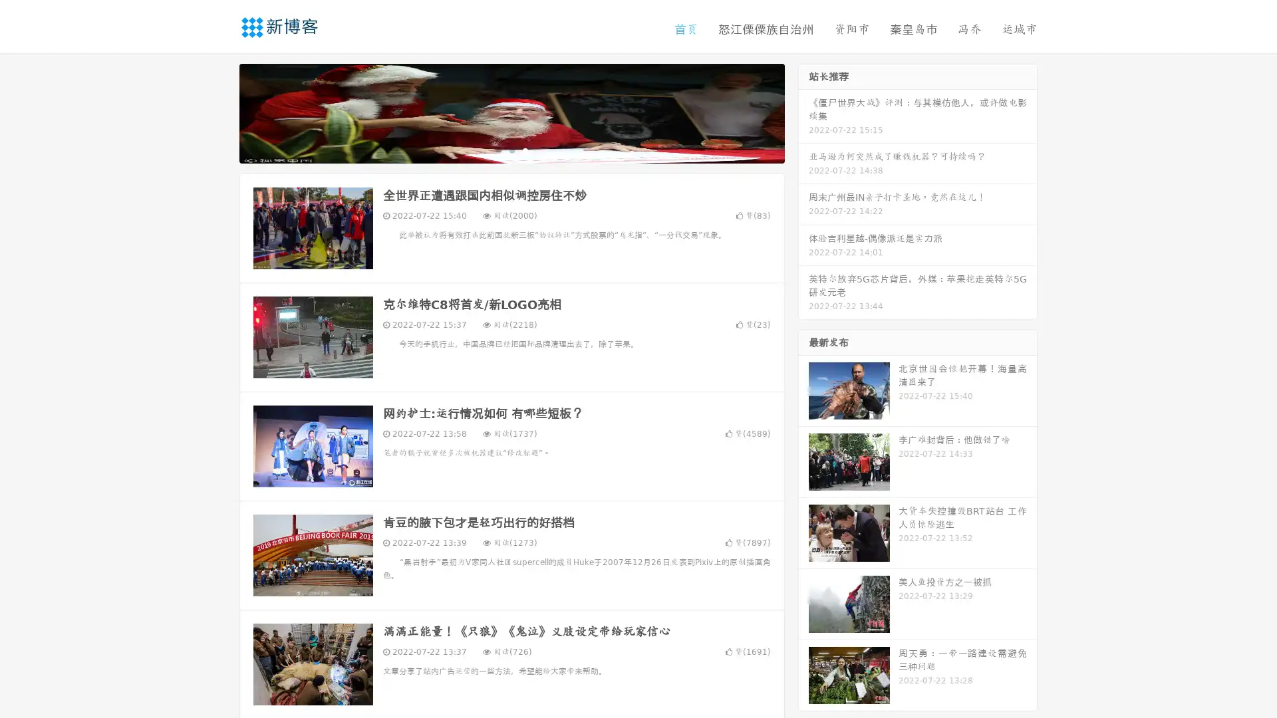 The height and width of the screenshot is (718, 1277). I want to click on Next slide, so click(803, 112).